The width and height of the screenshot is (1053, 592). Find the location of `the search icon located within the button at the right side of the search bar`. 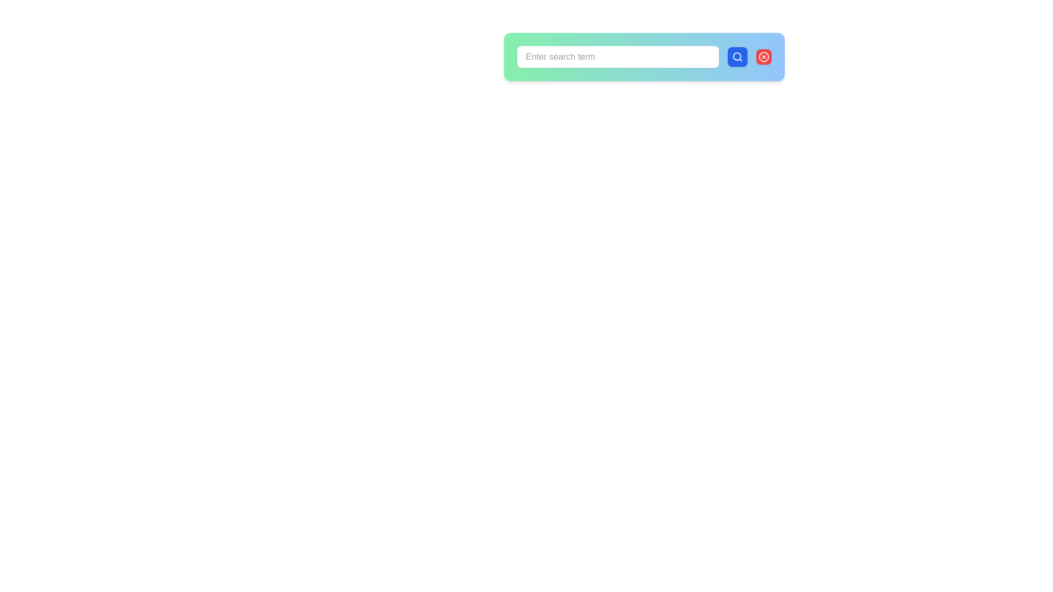

the search icon located within the button at the right side of the search bar is located at coordinates (737, 57).